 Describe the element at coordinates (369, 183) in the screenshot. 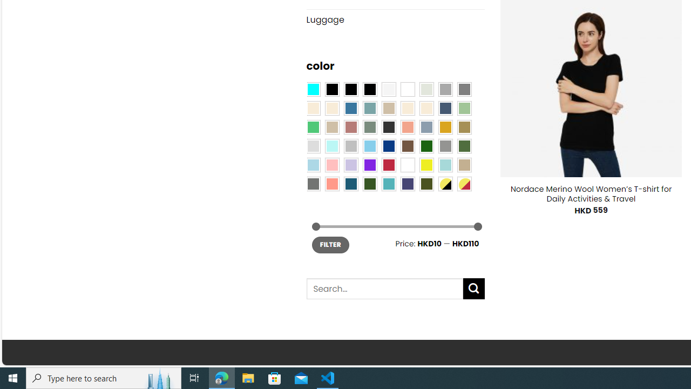

I see `'Forest'` at that location.